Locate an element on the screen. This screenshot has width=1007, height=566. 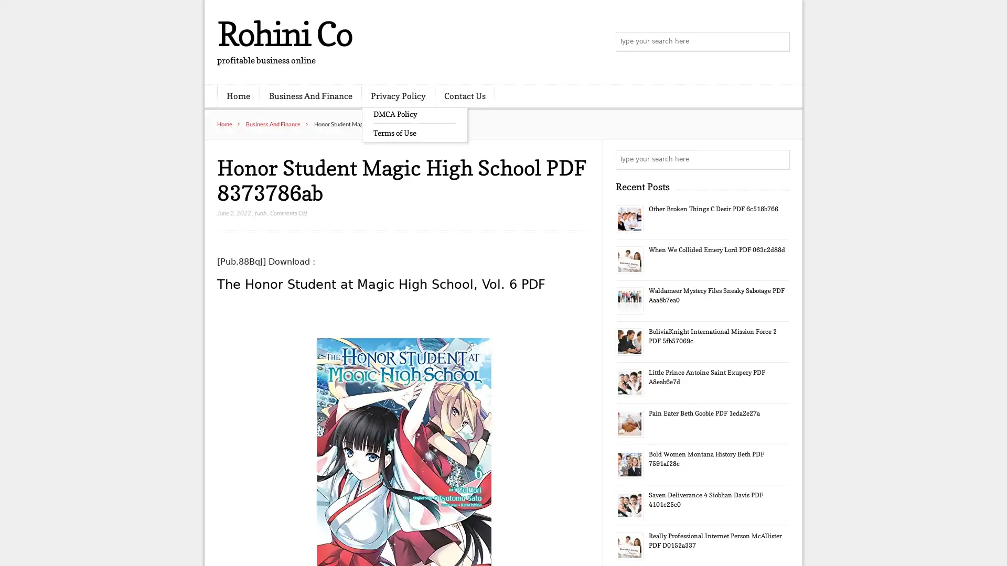
Search is located at coordinates (779, 42).